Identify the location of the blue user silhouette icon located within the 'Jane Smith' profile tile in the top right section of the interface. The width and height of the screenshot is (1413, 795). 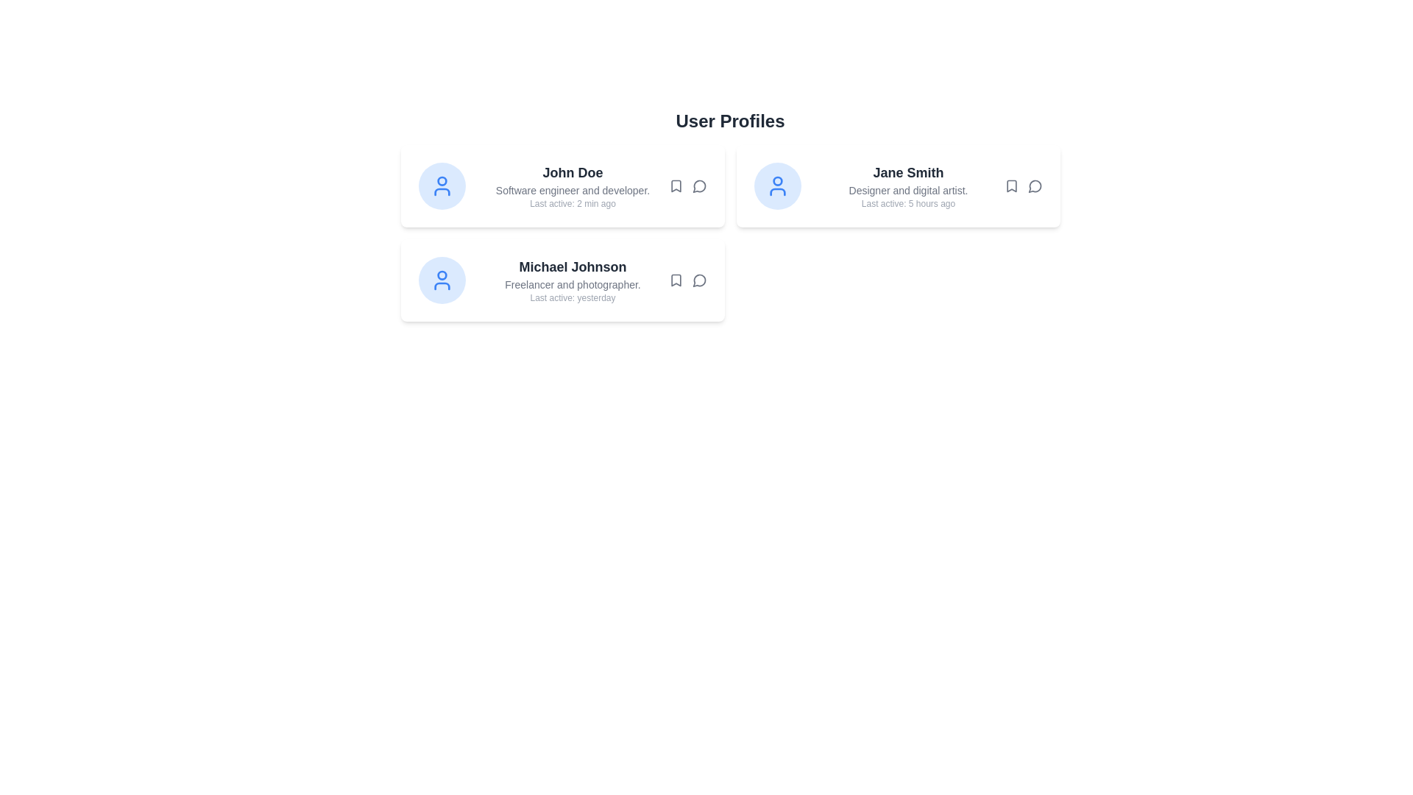
(776, 185).